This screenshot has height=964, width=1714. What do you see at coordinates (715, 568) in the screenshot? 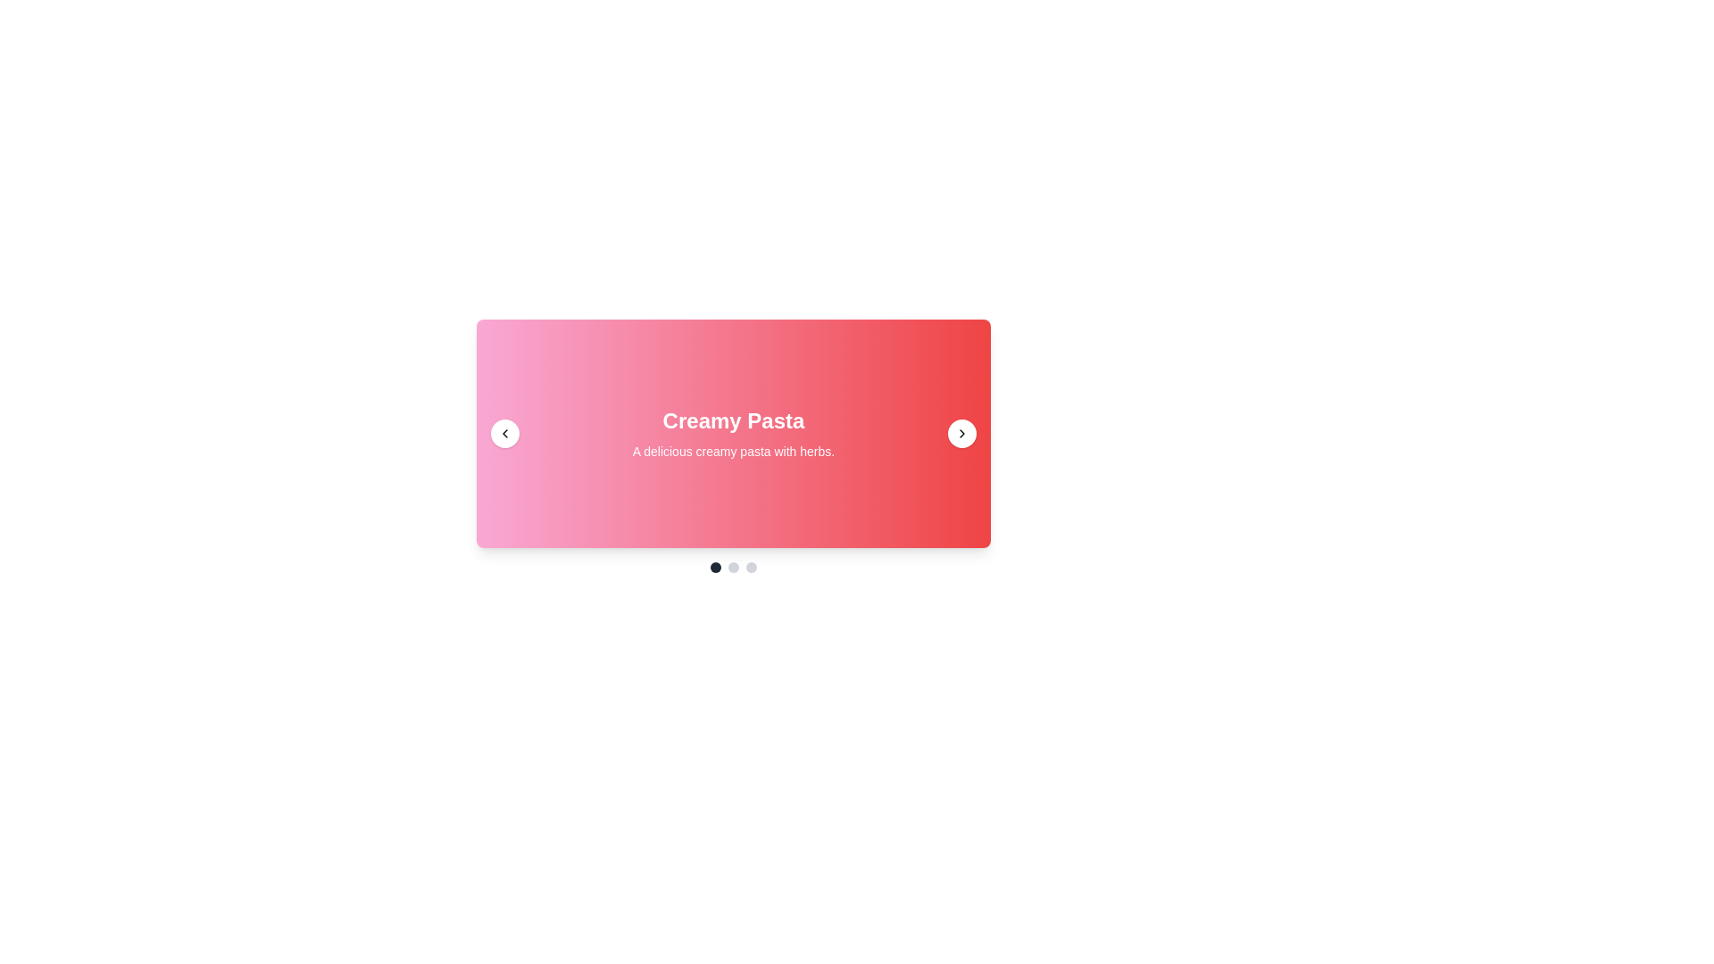
I see `the leftmost circular dark gray indicator located at the bottom center of the UI` at bounding box center [715, 568].